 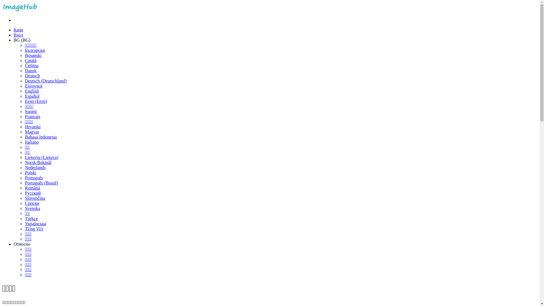 What do you see at coordinates (30, 172) in the screenshot?
I see `'Polski'` at bounding box center [30, 172].